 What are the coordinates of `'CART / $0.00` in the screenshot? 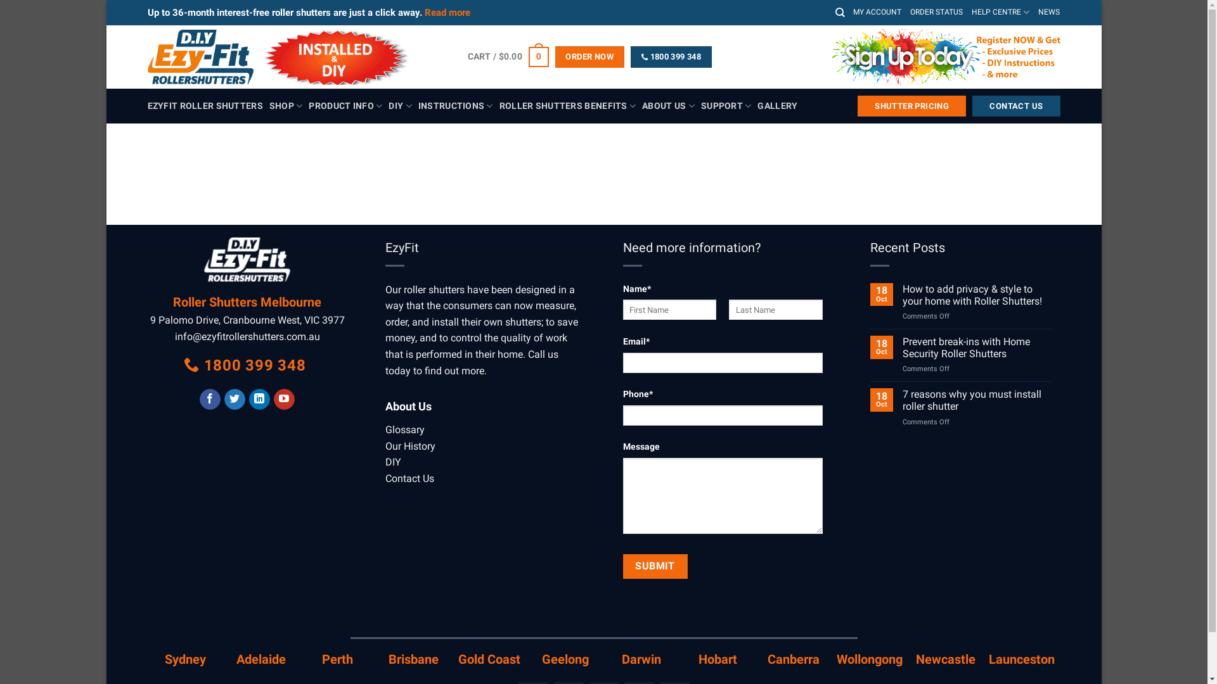 It's located at (467, 56).